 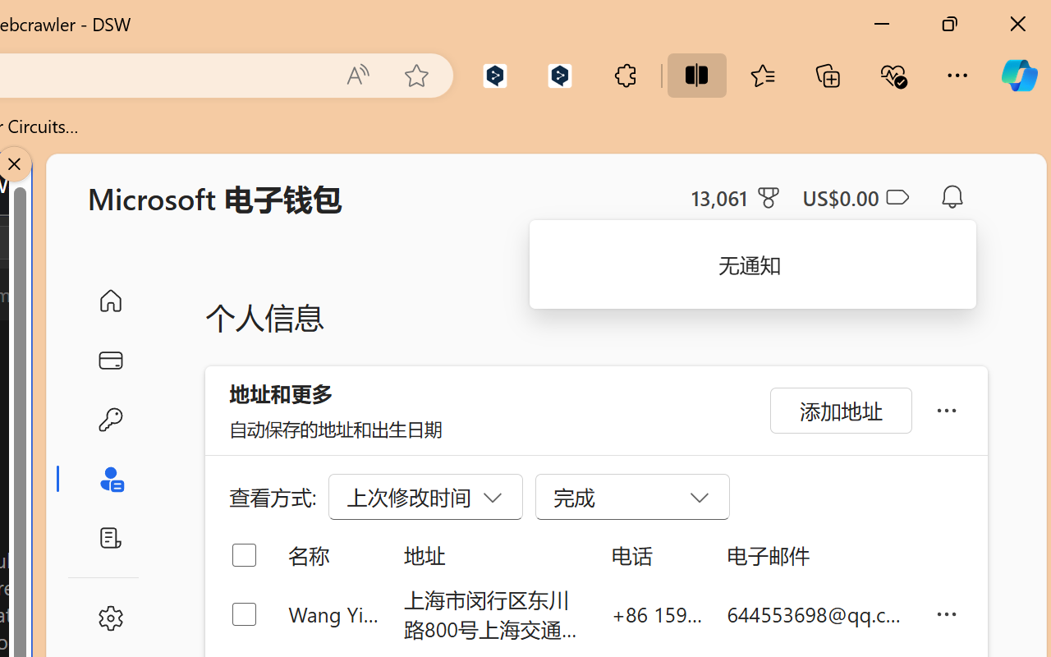 I want to click on '+86 159 0032 4640', so click(x=657, y=613).